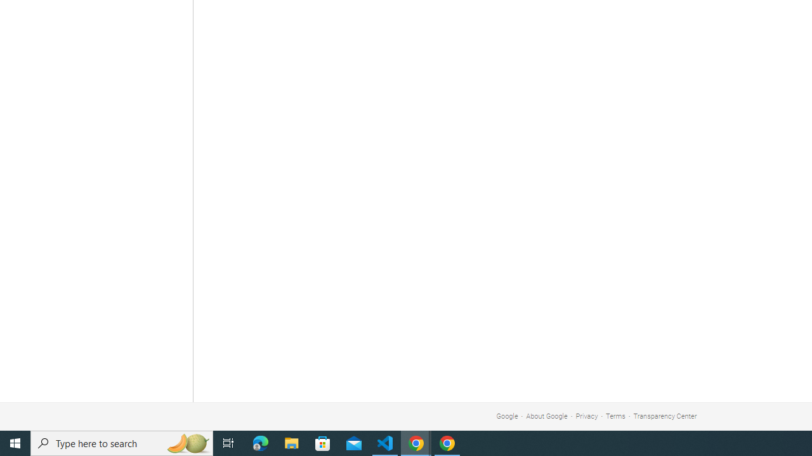  Describe the element at coordinates (547, 416) in the screenshot. I see `'About Google'` at that location.